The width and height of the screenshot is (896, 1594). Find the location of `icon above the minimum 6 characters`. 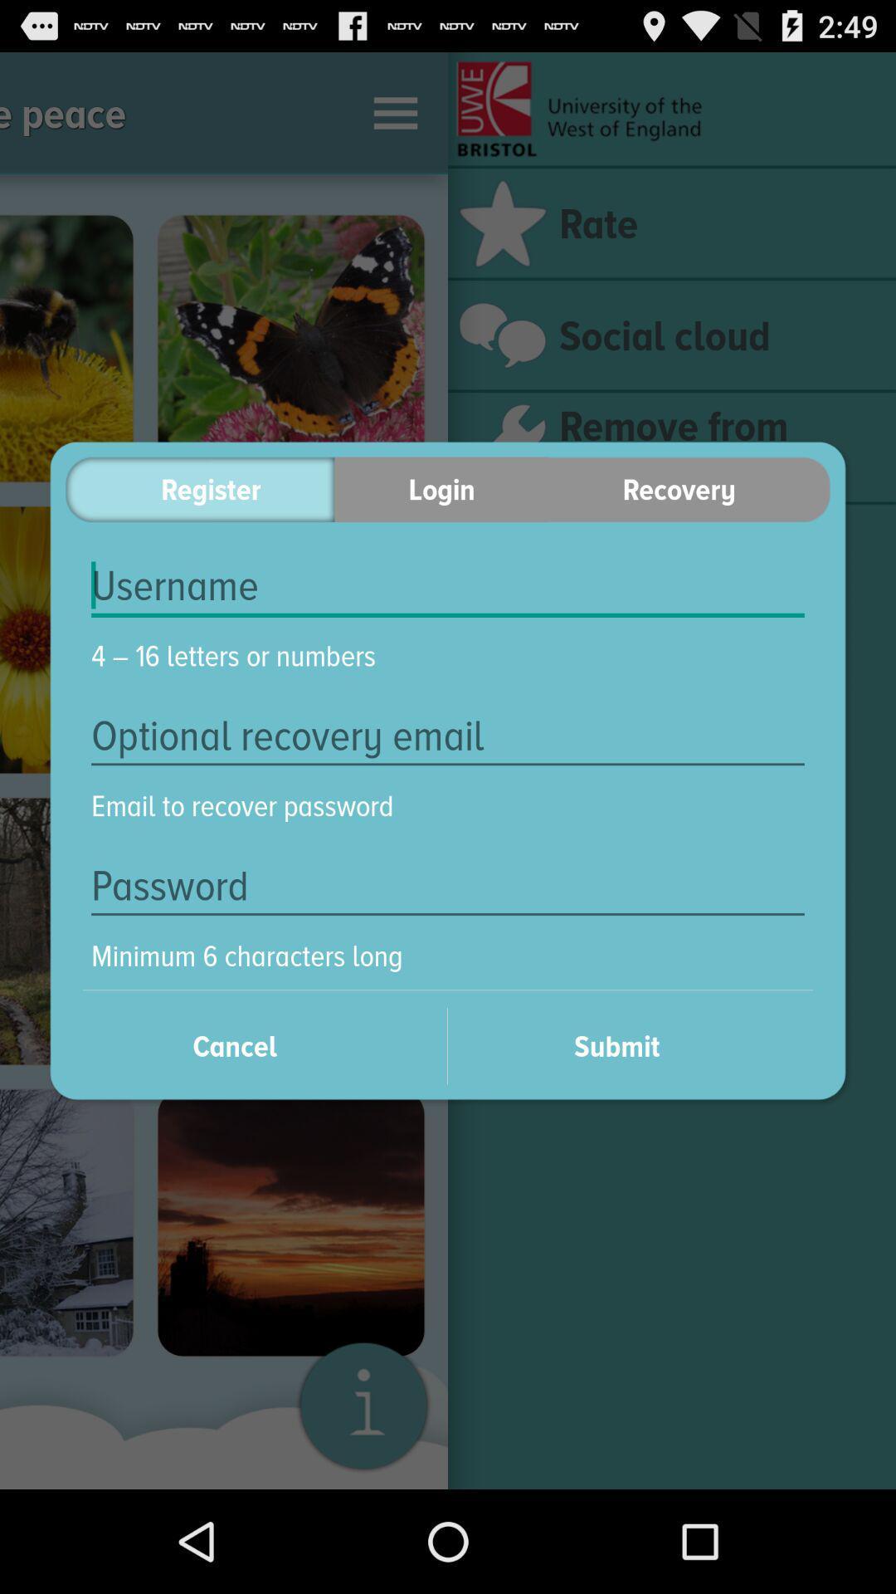

icon above the minimum 6 characters is located at coordinates (448, 885).